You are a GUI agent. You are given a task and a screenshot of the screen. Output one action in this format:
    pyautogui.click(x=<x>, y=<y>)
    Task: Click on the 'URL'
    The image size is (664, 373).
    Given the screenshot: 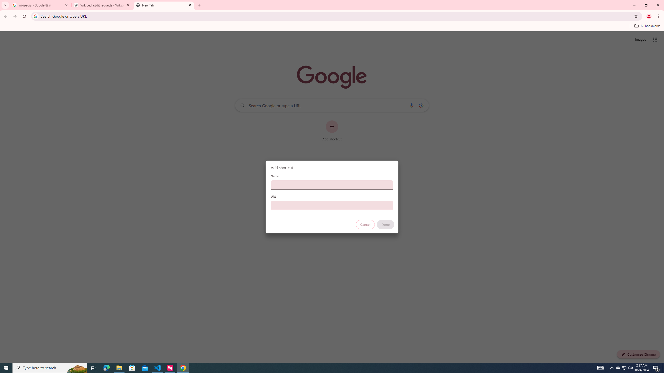 What is the action you would take?
    pyautogui.click(x=332, y=205)
    